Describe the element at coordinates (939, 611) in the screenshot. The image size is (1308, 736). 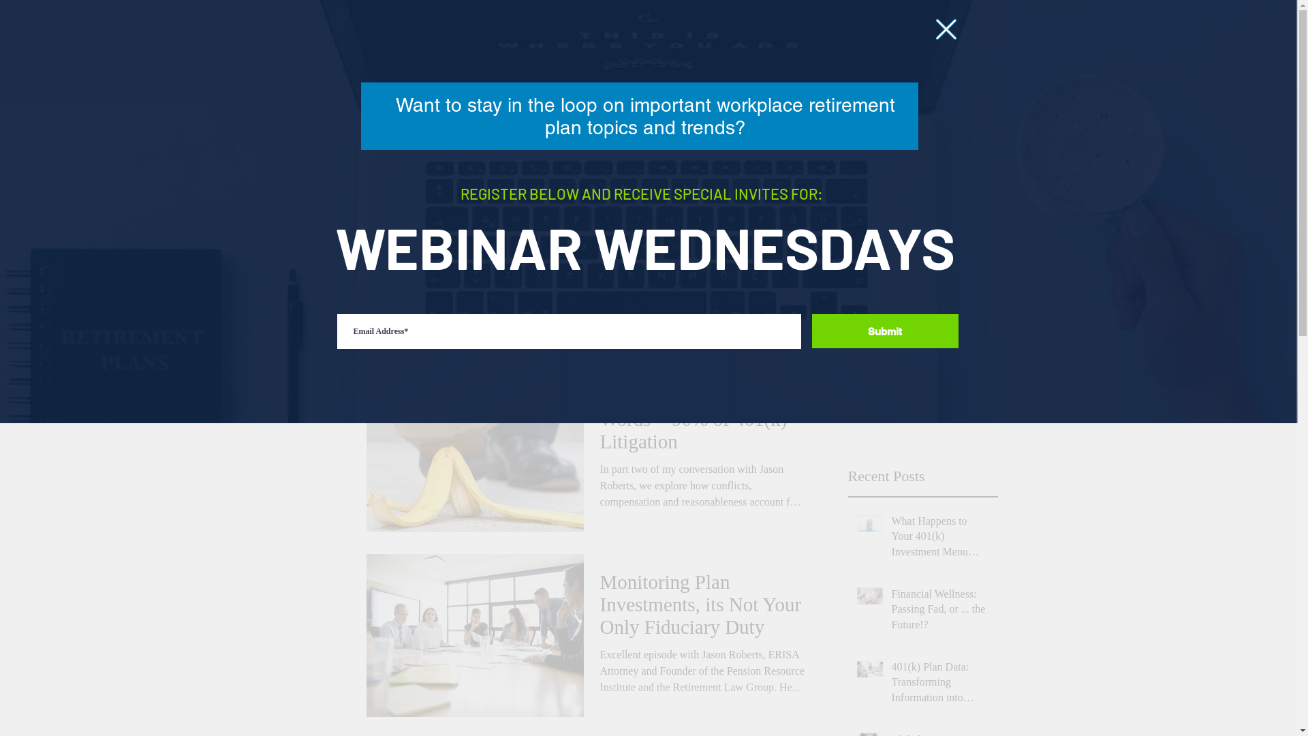
I see `'Financial Wellness: Passing Fad, or ... the Future!?'` at that location.